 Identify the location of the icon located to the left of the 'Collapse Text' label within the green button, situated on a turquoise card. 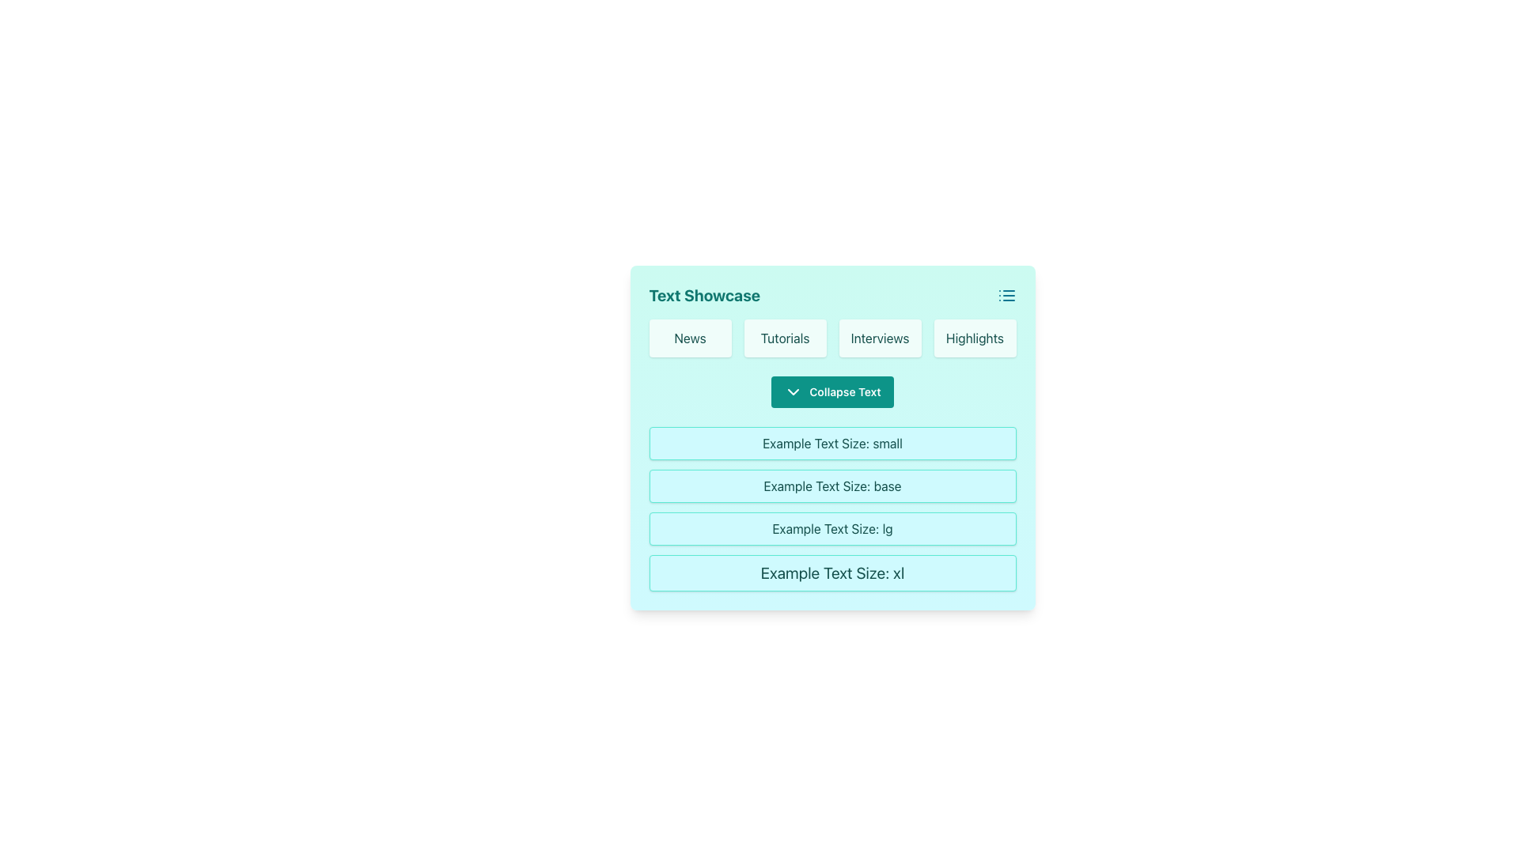
(794, 391).